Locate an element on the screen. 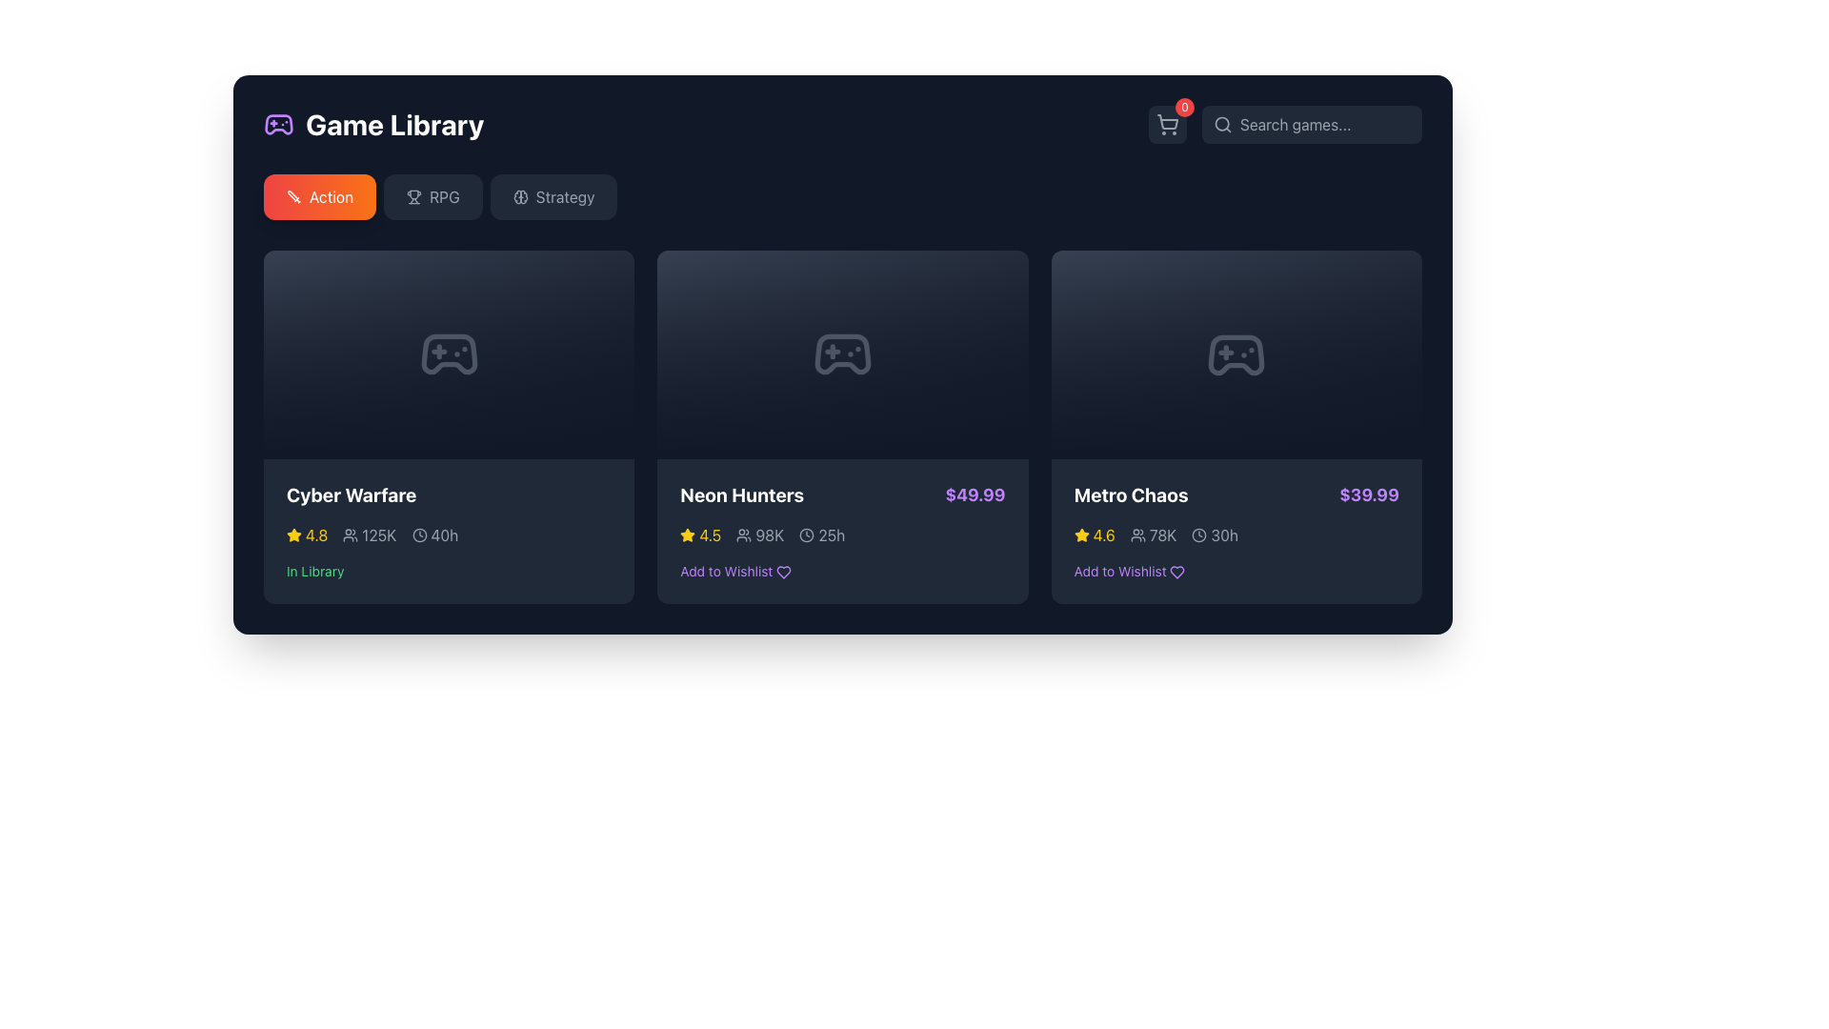  the filter button located between the 'Action' button and the 'Strategy' button to apply an RPG filter is located at coordinates (432, 197).